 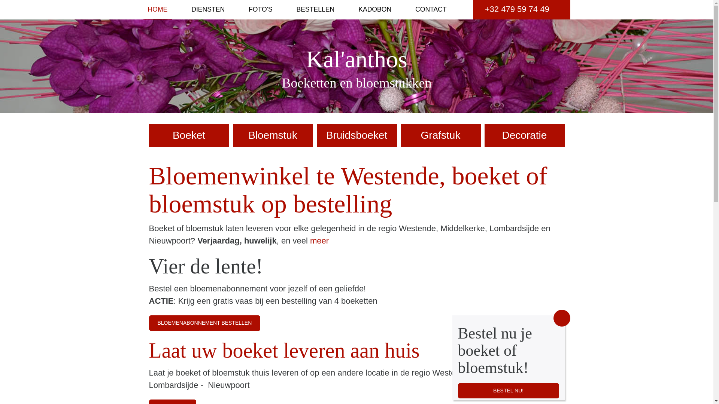 I want to click on 'DIENSTEN', so click(x=187, y=9).